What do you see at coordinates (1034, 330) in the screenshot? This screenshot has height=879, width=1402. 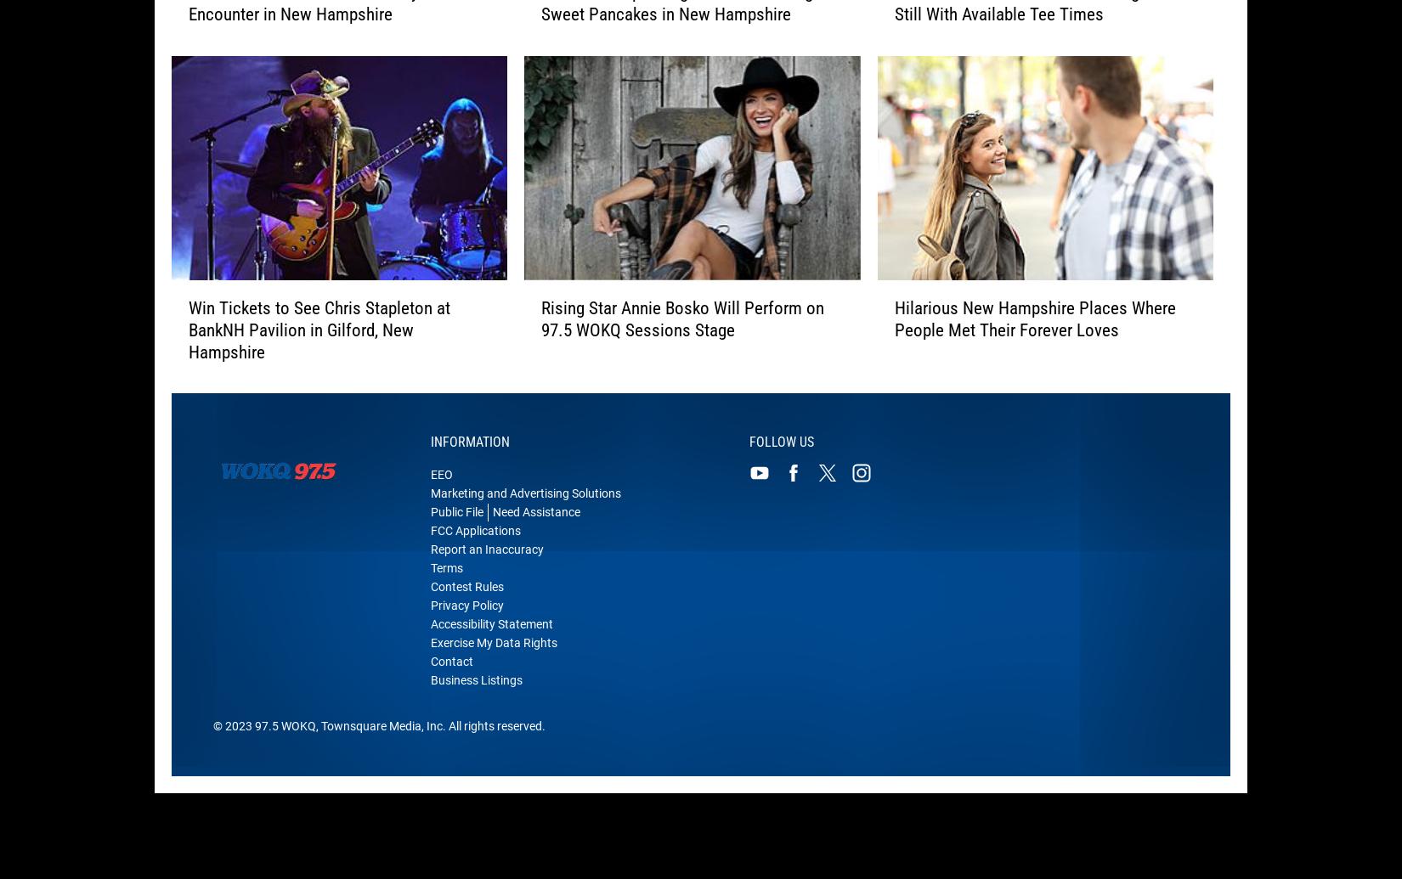 I see `'Hilarious New Hampshire Places Where People Met Their Forever Loves'` at bounding box center [1034, 330].